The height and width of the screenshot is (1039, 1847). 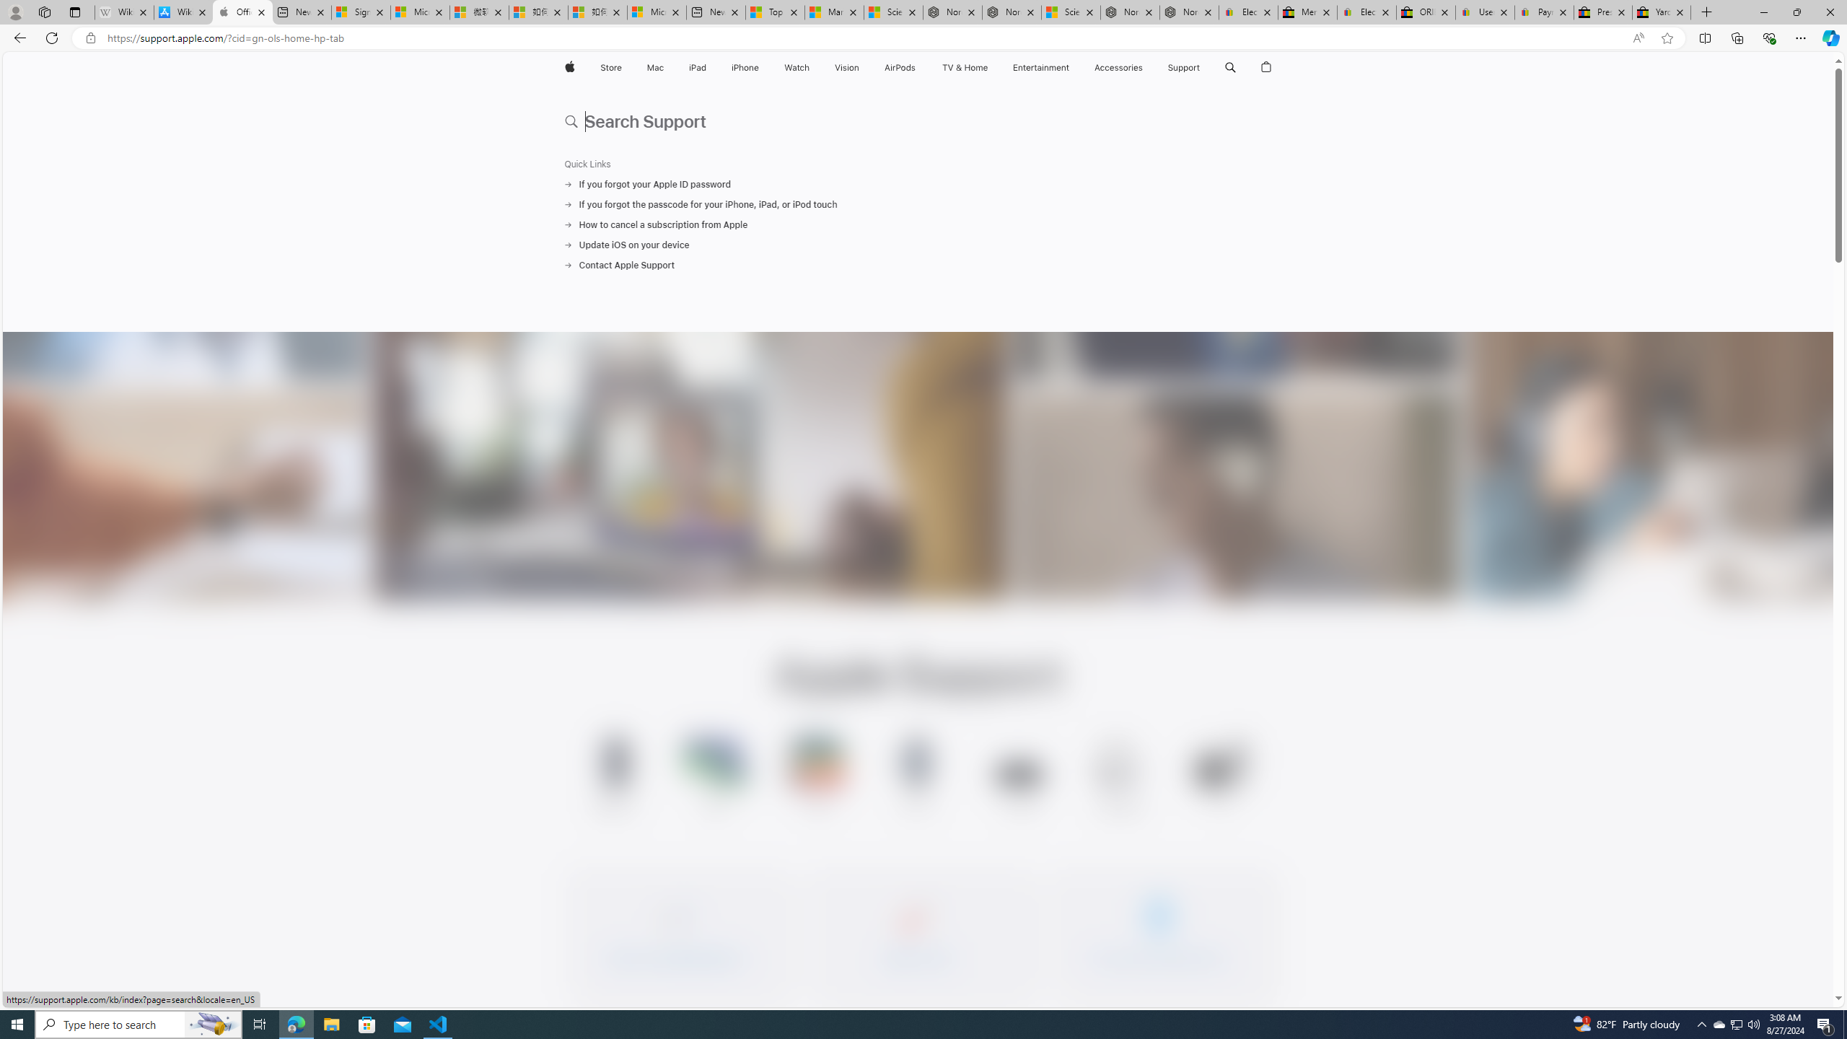 I want to click on 'Store', so click(x=610, y=67).